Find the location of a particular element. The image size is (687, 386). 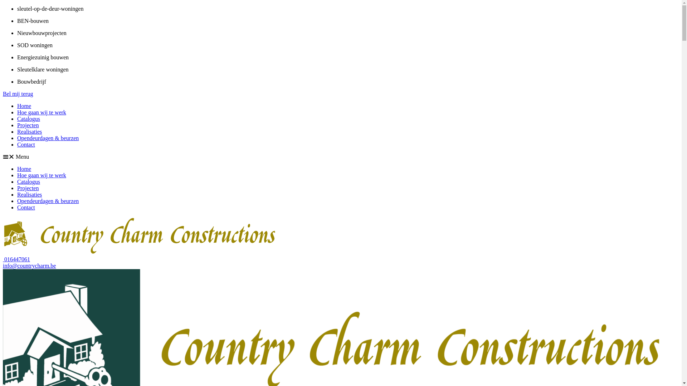

'Realisaties' is located at coordinates (17, 132).